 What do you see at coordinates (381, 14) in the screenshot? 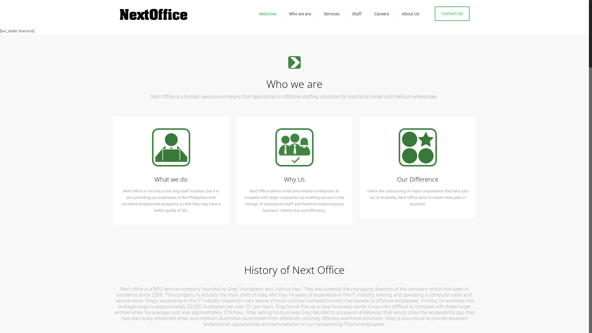
I see `'Careers'` at bounding box center [381, 14].